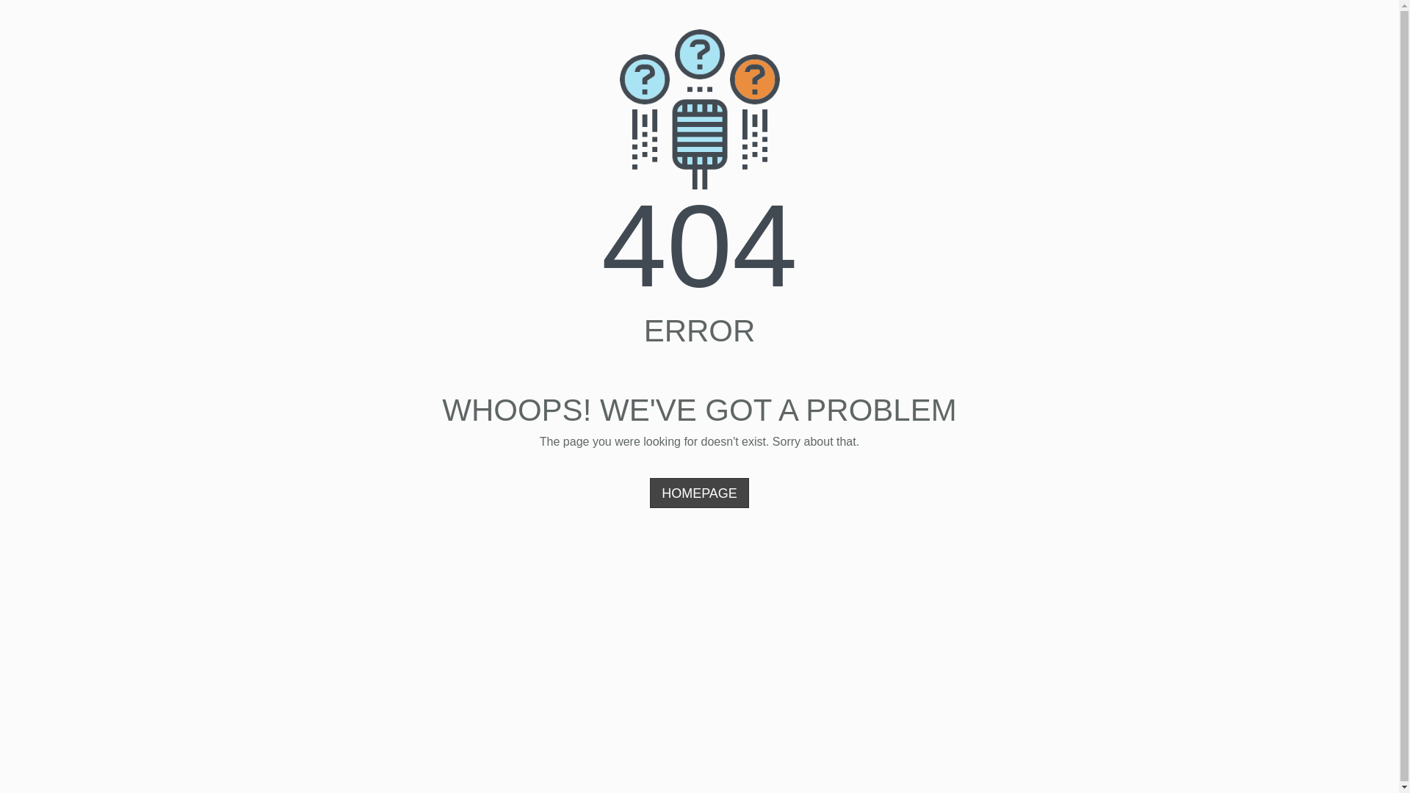 The width and height of the screenshot is (1410, 793). Describe the element at coordinates (698, 493) in the screenshot. I see `'HOMEPAGE'` at that location.